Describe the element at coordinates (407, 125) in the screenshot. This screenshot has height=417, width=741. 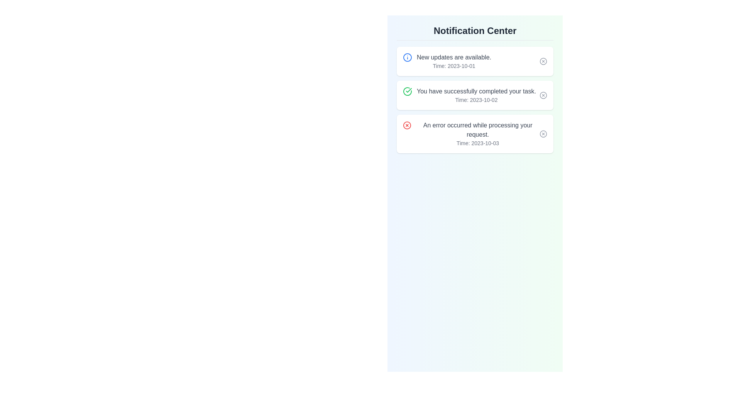
I see `the error notification icon located in the third notification card from the top, positioned near the top-left corner of the card` at that location.